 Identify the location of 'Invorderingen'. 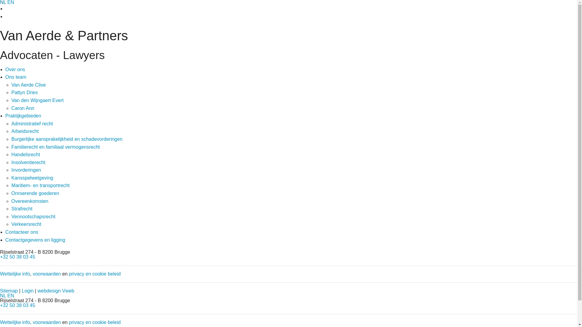
(26, 170).